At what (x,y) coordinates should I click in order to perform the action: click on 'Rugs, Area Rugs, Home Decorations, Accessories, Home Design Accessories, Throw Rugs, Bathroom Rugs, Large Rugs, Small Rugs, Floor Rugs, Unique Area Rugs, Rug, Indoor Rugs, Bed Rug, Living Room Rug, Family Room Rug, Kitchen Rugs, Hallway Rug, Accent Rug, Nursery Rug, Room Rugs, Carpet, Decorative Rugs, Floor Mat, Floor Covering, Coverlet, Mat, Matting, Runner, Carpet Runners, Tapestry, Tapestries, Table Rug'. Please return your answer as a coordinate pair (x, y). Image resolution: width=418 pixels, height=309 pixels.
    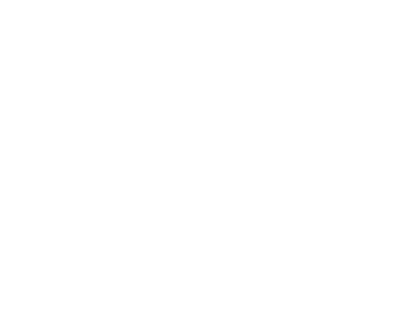
    Looking at the image, I should click on (204, 170).